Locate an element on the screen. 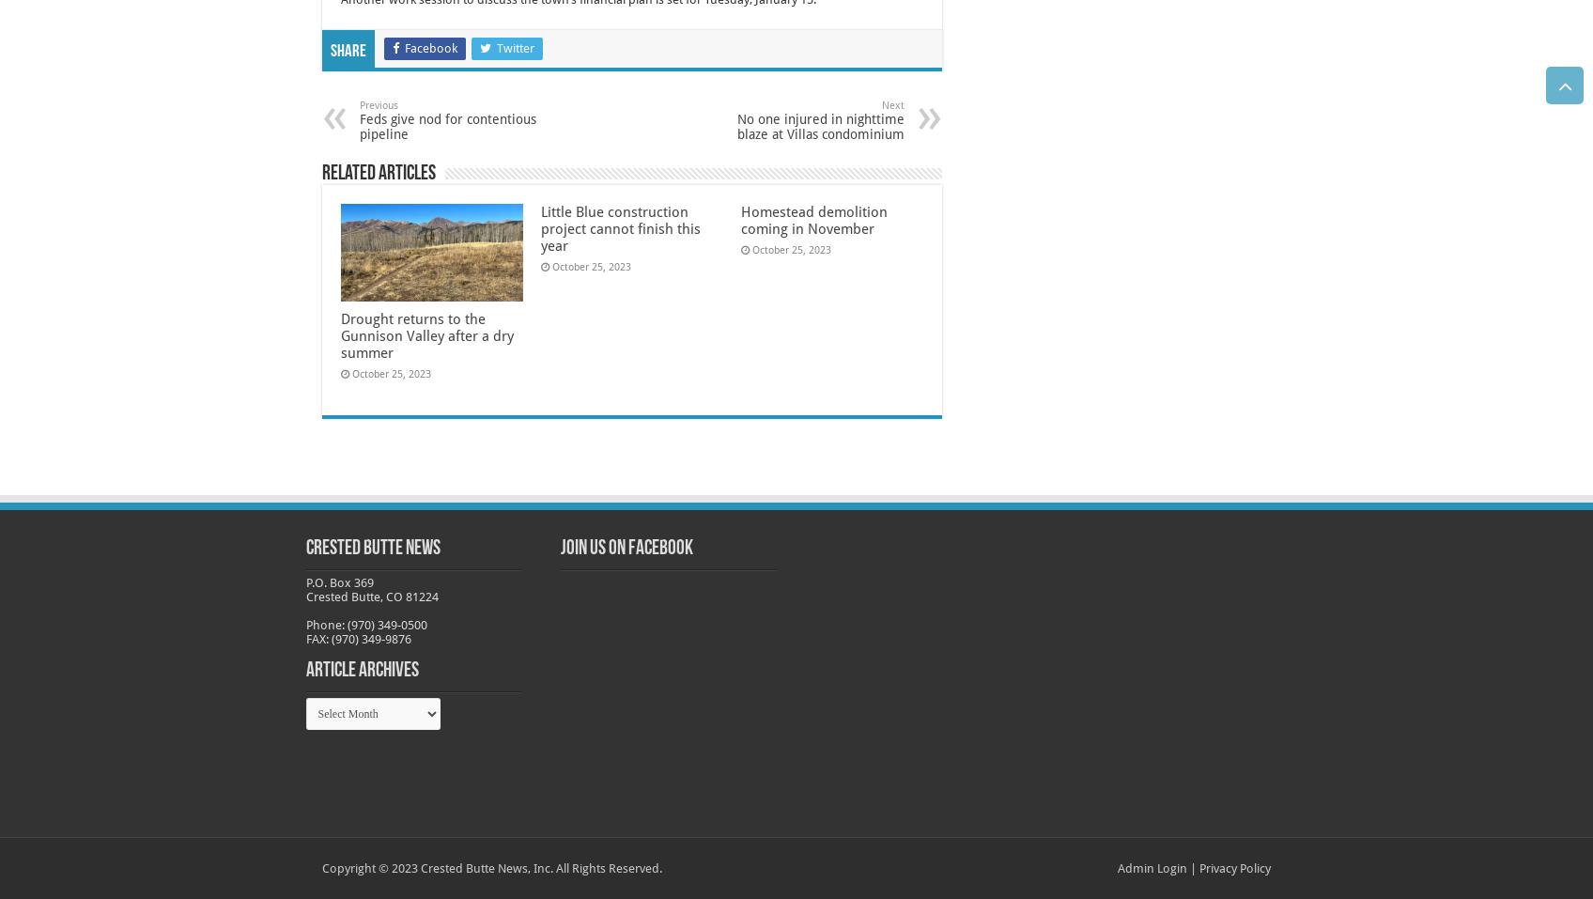  'Homestead demolition coming  in November' is located at coordinates (812, 220).